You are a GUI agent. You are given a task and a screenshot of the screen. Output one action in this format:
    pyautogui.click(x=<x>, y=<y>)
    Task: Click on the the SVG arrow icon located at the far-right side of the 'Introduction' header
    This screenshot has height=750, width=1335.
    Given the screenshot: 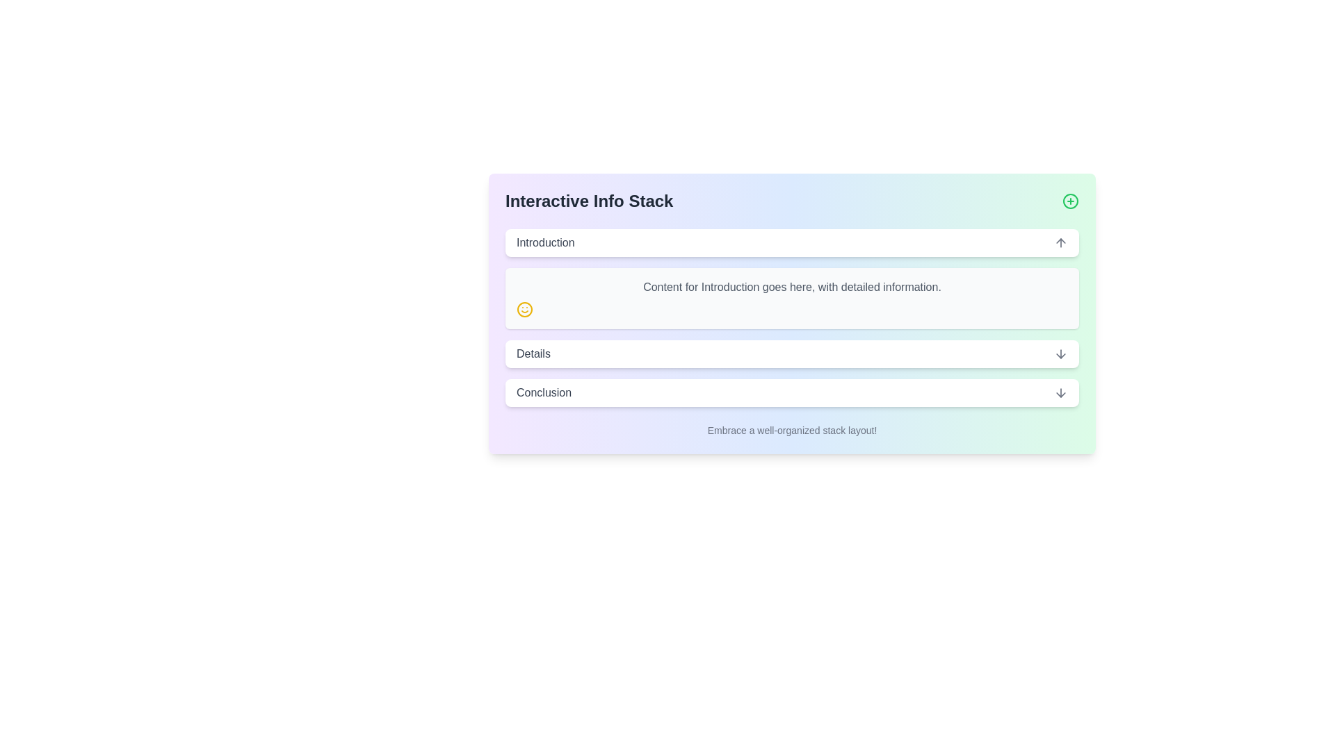 What is the action you would take?
    pyautogui.click(x=1060, y=242)
    